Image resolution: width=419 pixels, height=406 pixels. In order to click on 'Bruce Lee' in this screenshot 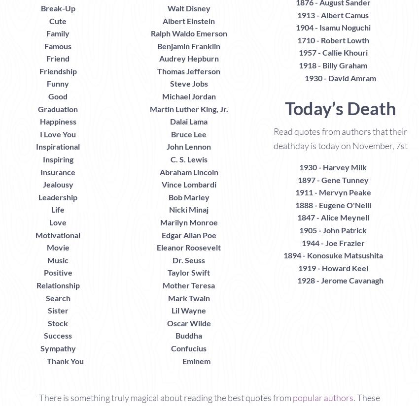, I will do `click(170, 133)`.